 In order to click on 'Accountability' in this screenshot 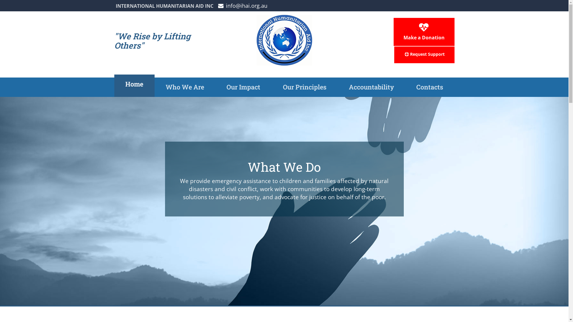, I will do `click(50, 101)`.